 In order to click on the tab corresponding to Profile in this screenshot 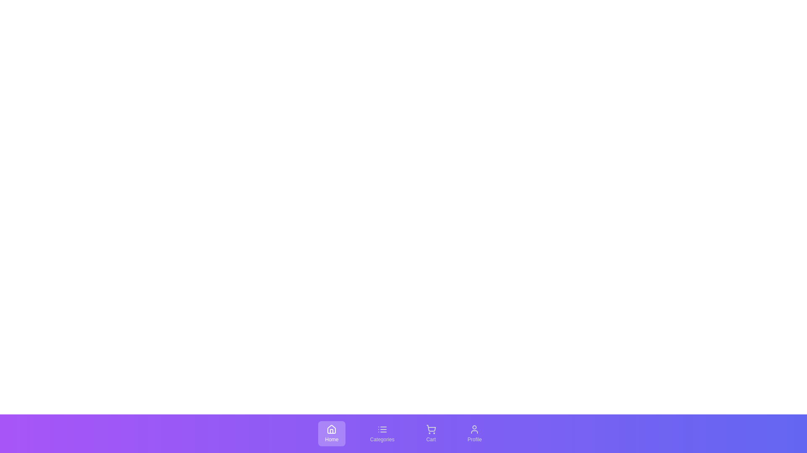, I will do `click(475, 433)`.